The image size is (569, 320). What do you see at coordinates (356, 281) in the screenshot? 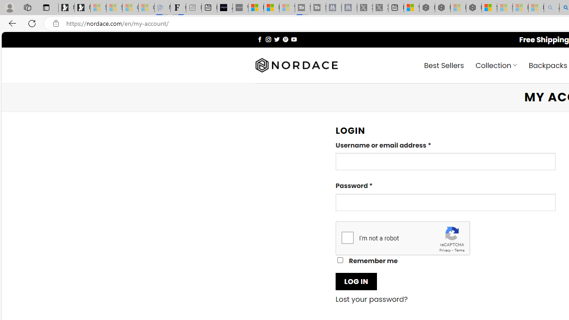
I see `'LOG IN'` at bounding box center [356, 281].